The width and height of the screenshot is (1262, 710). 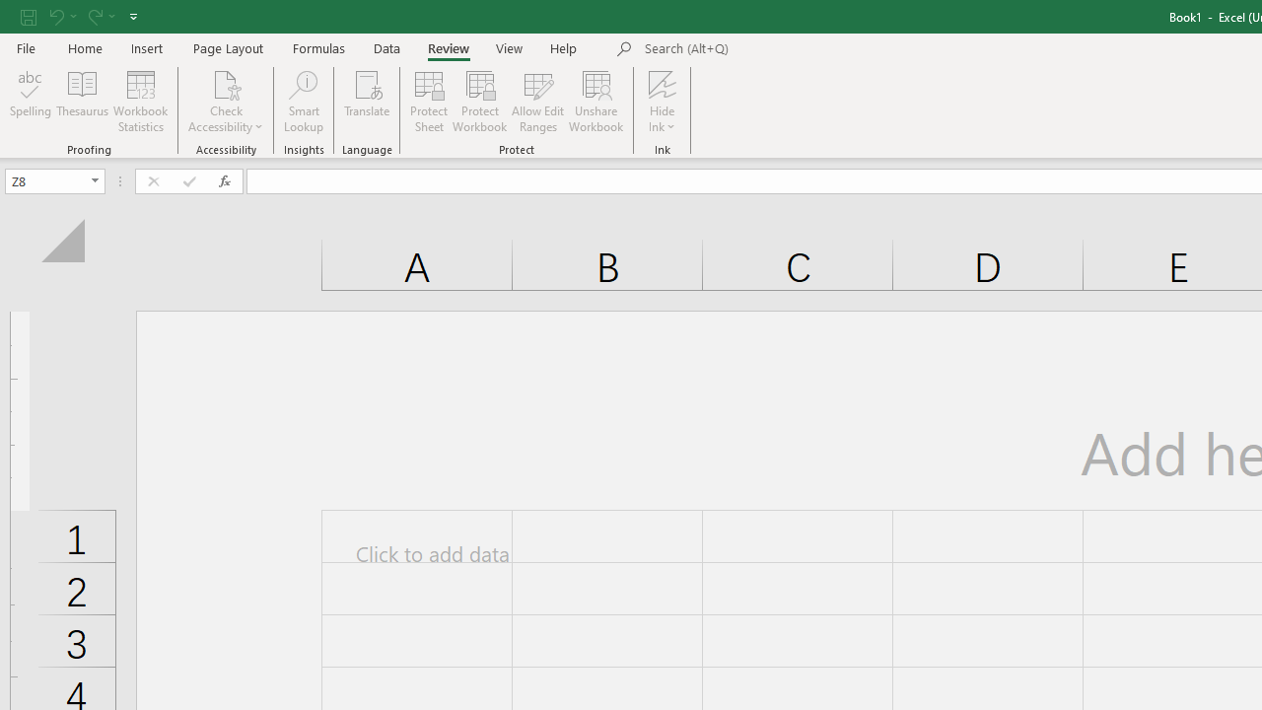 I want to click on 'Formulas', so click(x=318, y=47).